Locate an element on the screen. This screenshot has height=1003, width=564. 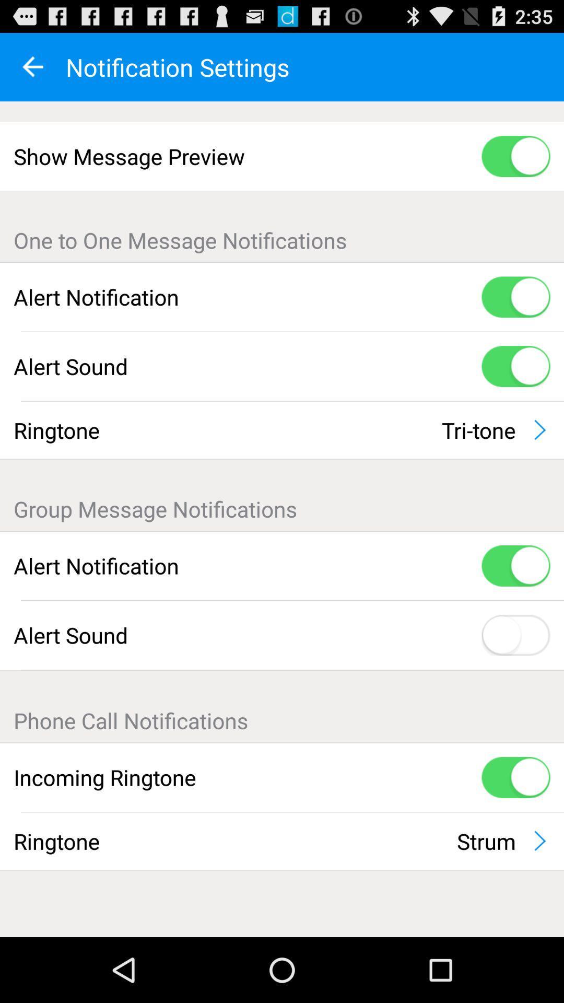
app to the right of incoming ringtone icon is located at coordinates (515, 777).